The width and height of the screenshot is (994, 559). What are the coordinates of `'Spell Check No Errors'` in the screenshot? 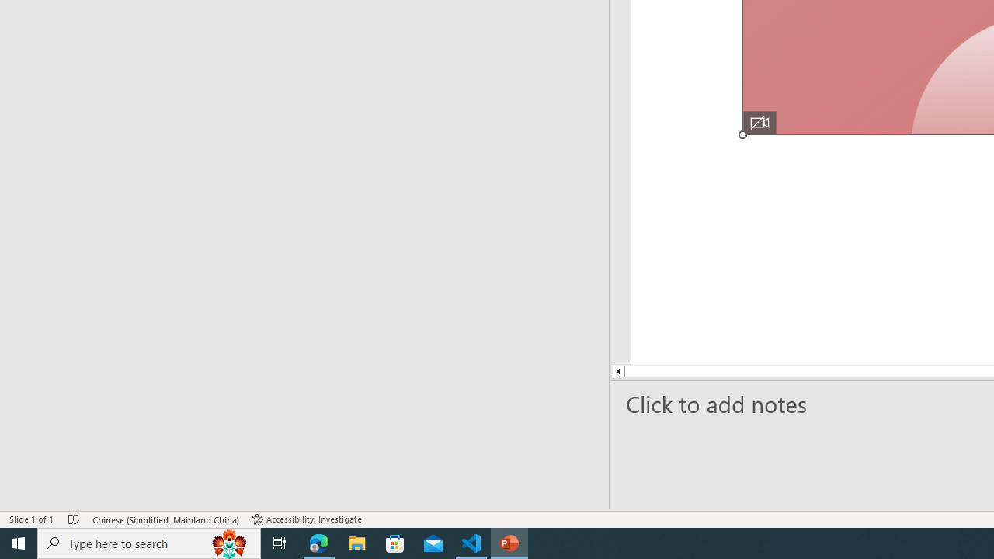 It's located at (74, 519).